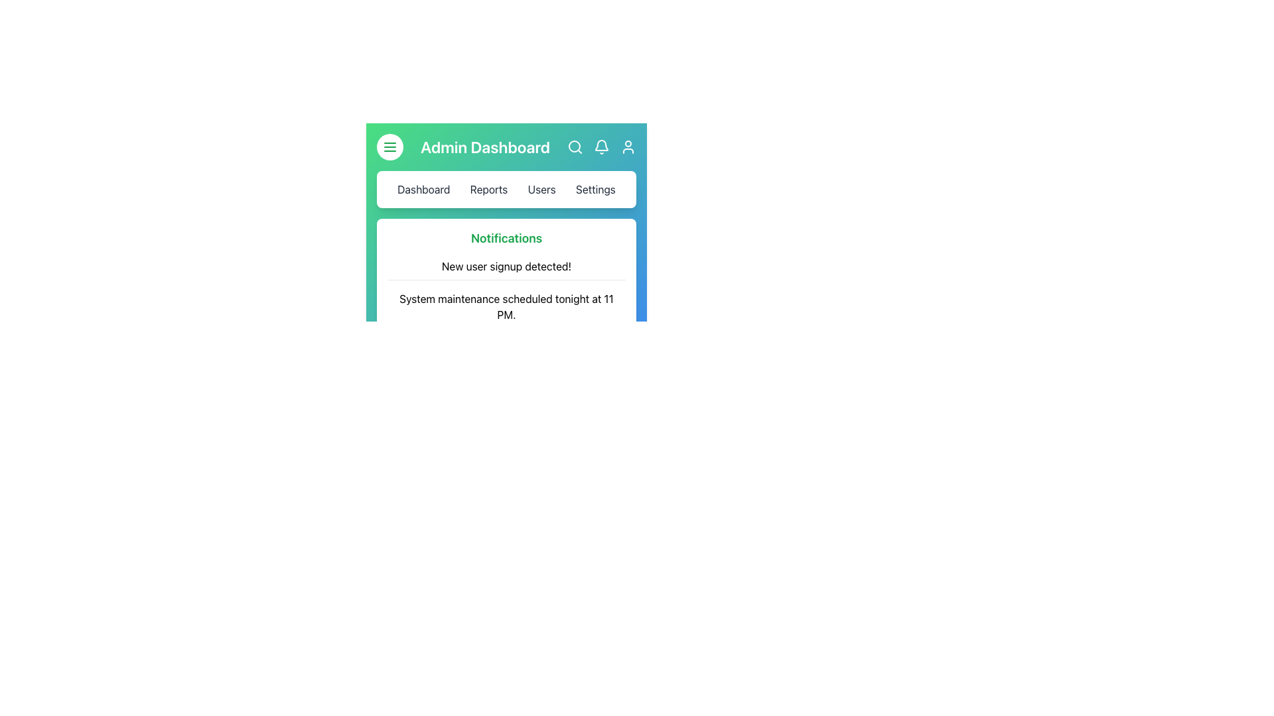 The image size is (1274, 716). I want to click on the 'Reports' navigation menu item, so click(506, 189).